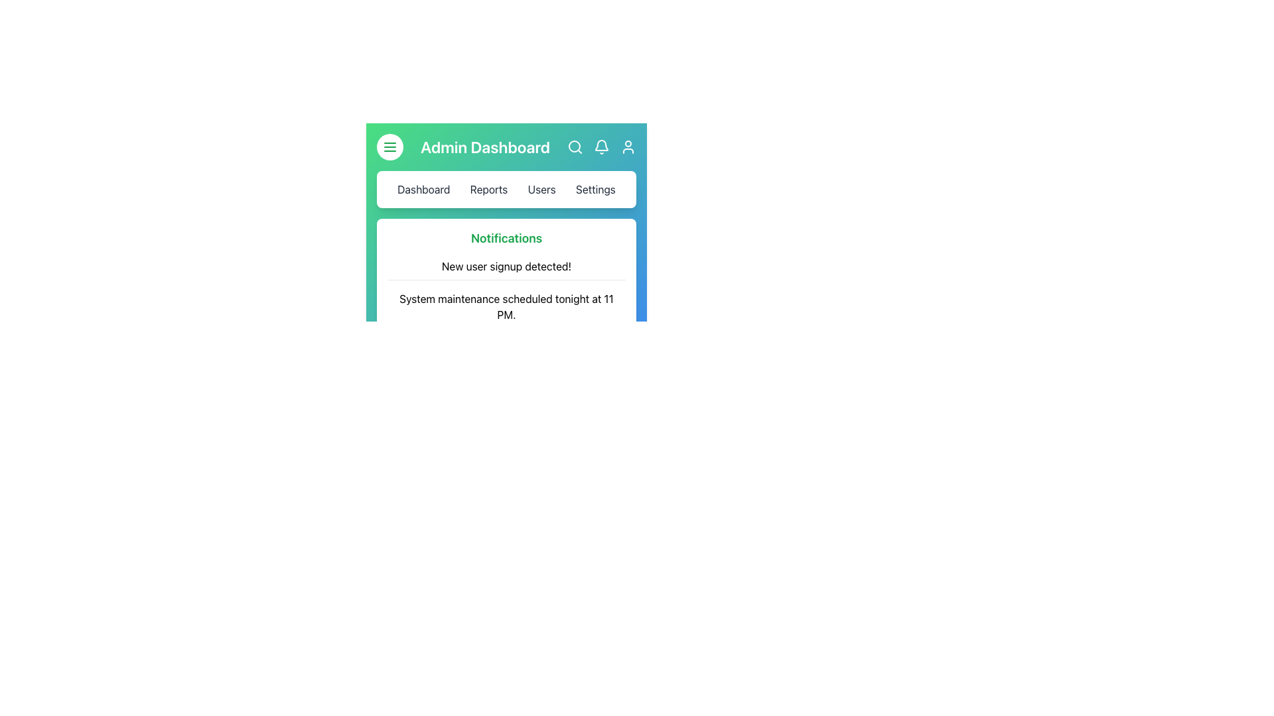 The image size is (1274, 716). I want to click on the 'Reports' navigation menu item, so click(506, 189).